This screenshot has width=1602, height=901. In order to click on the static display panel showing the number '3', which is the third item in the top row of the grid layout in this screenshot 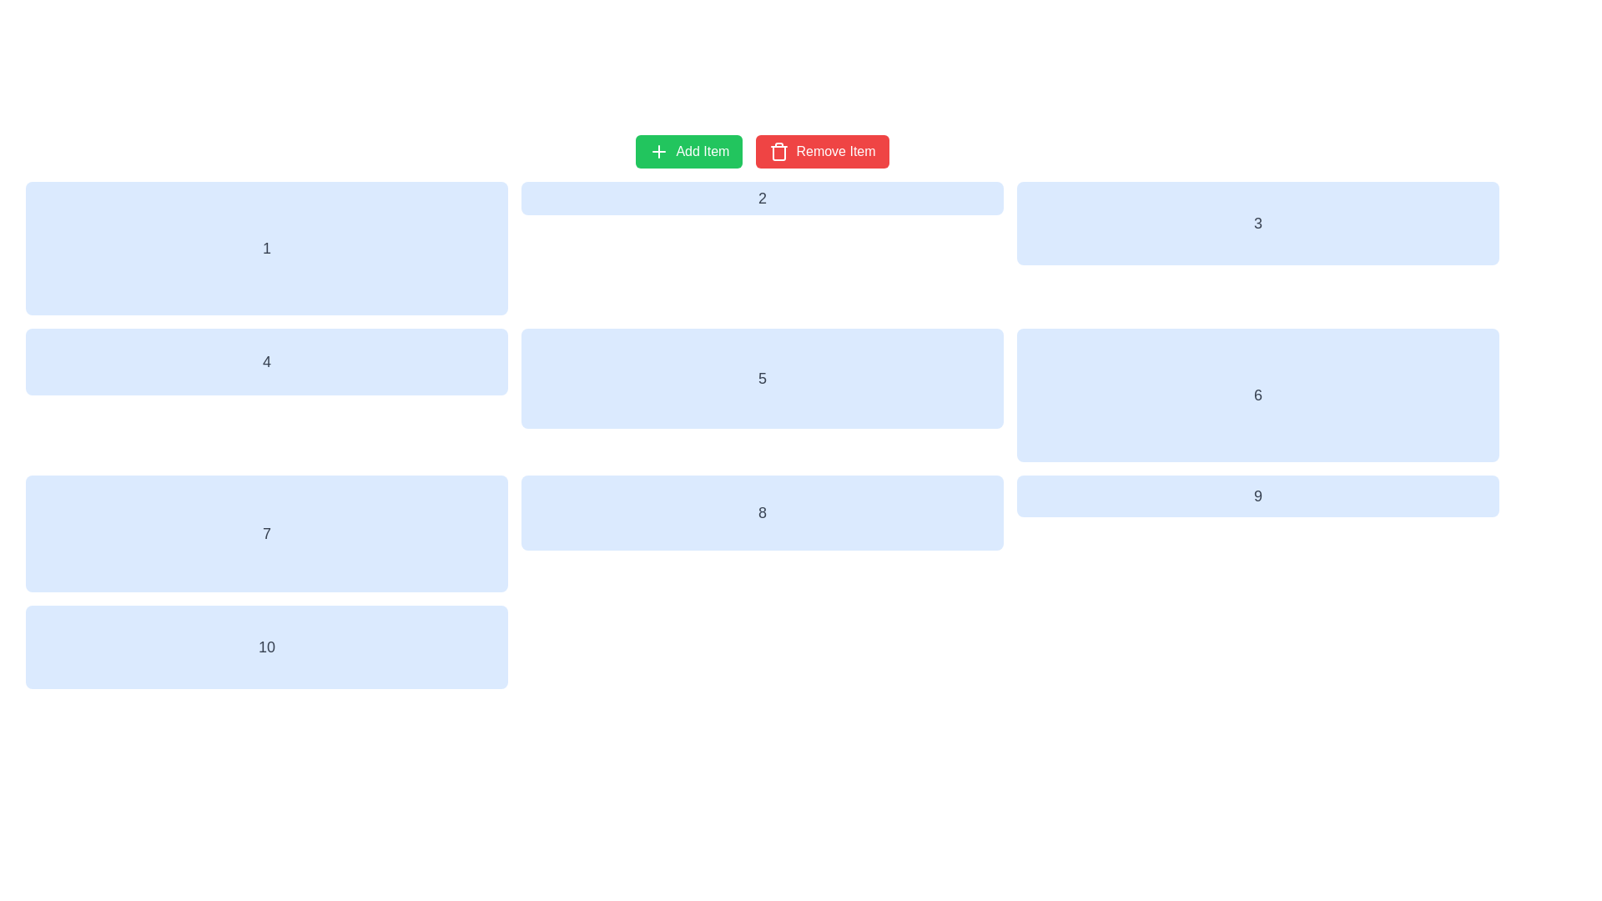, I will do `click(1257, 222)`.